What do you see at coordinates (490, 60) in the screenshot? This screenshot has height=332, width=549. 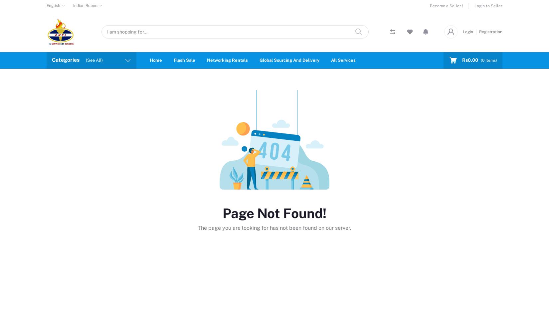 I see `'Items)'` at bounding box center [490, 60].